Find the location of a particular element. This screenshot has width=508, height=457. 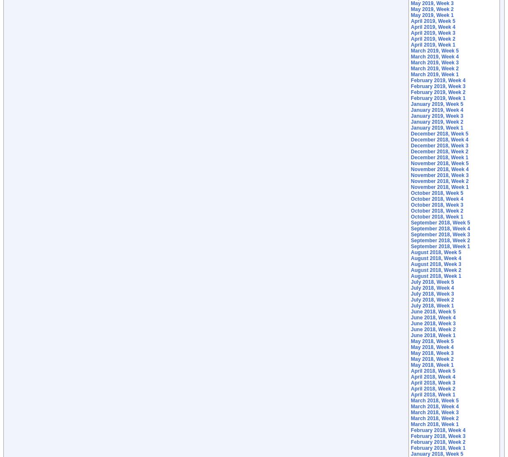

'January 2019, Week 4' is located at coordinates (410, 110).